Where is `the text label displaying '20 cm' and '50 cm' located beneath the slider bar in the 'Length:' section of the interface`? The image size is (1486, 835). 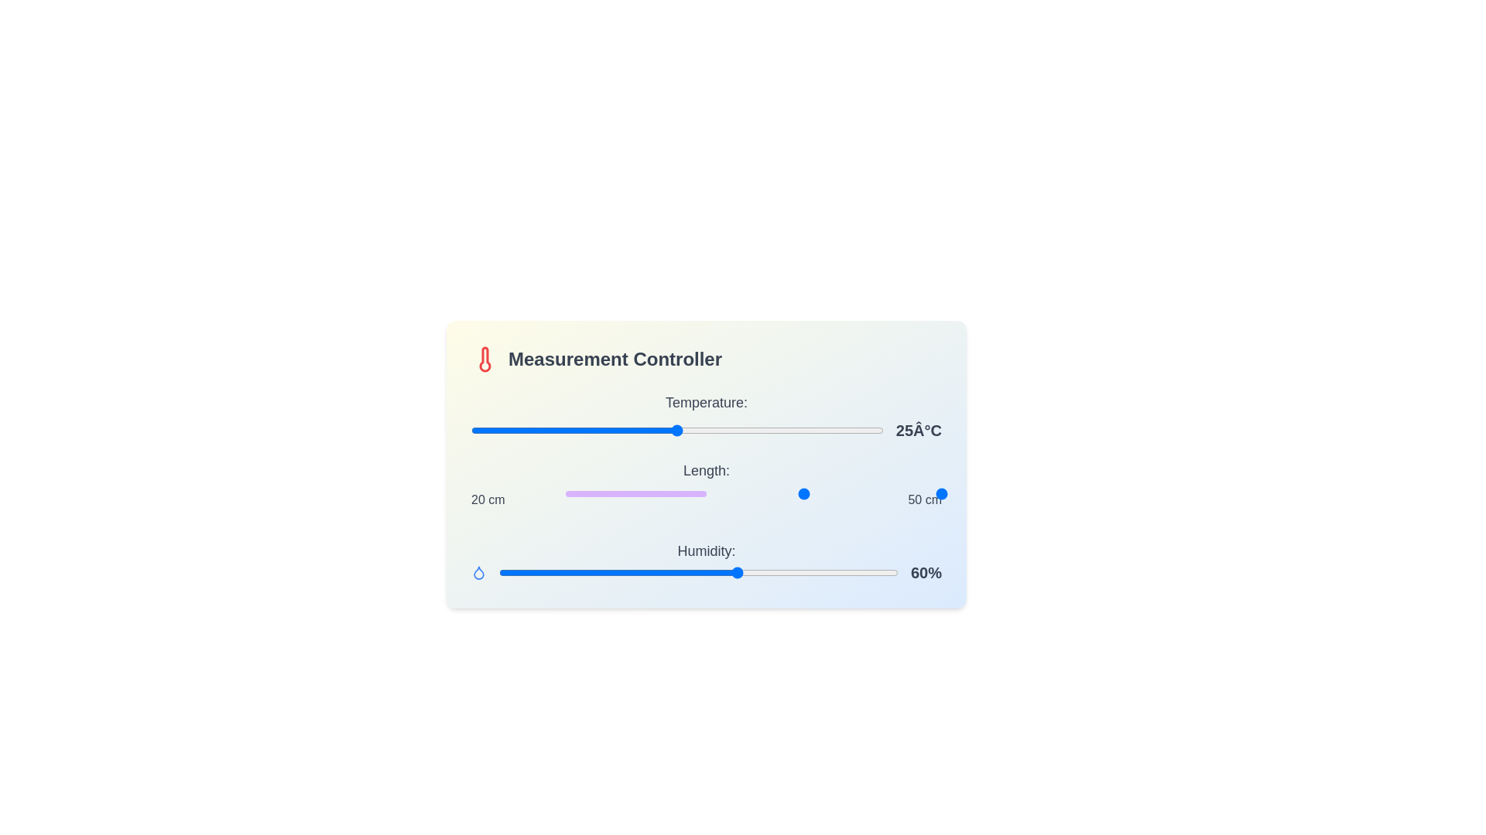 the text label displaying '20 cm' and '50 cm' located beneath the slider bar in the 'Length:' section of the interface is located at coordinates (705, 506).